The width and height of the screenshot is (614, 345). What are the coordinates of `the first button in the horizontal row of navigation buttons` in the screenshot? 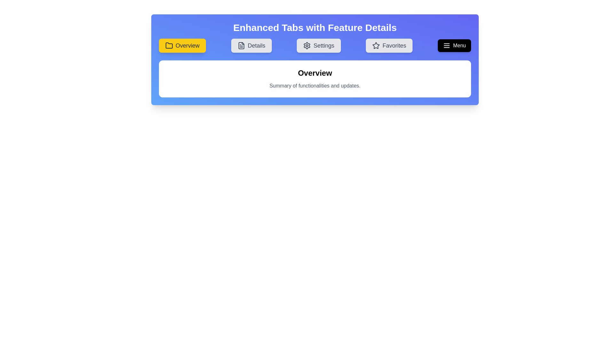 It's located at (182, 45).